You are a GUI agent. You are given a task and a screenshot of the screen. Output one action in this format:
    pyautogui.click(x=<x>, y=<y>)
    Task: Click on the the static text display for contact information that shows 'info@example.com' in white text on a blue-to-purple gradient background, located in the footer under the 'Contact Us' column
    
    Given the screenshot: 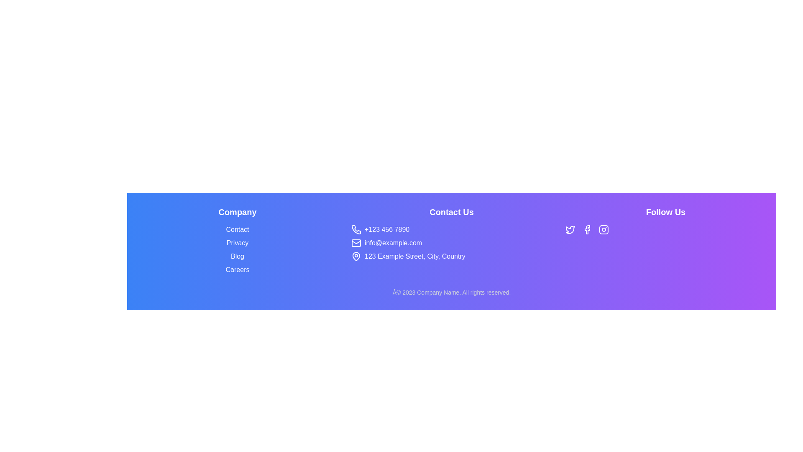 What is the action you would take?
    pyautogui.click(x=393, y=243)
    